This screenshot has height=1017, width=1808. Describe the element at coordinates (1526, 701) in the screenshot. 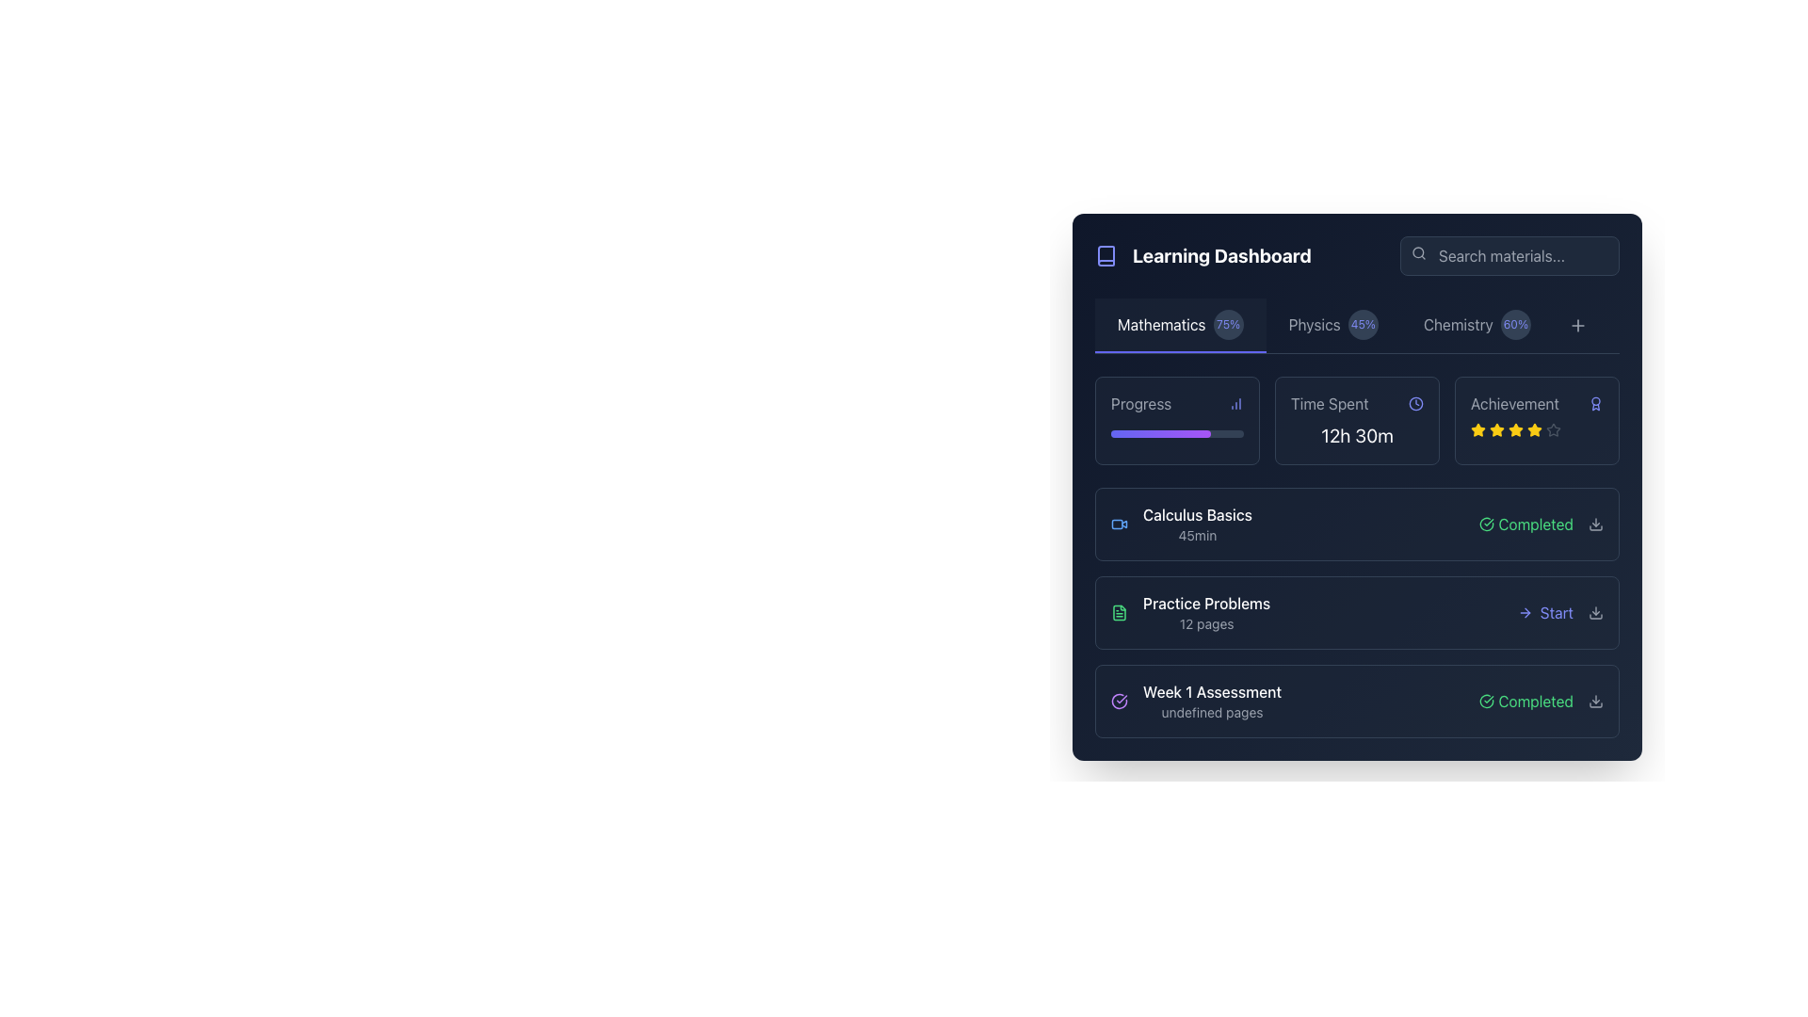

I see `the Status indicator with a green checkmark icon and the text 'Completed', which signifies a successful task completion, located on the list item` at that location.